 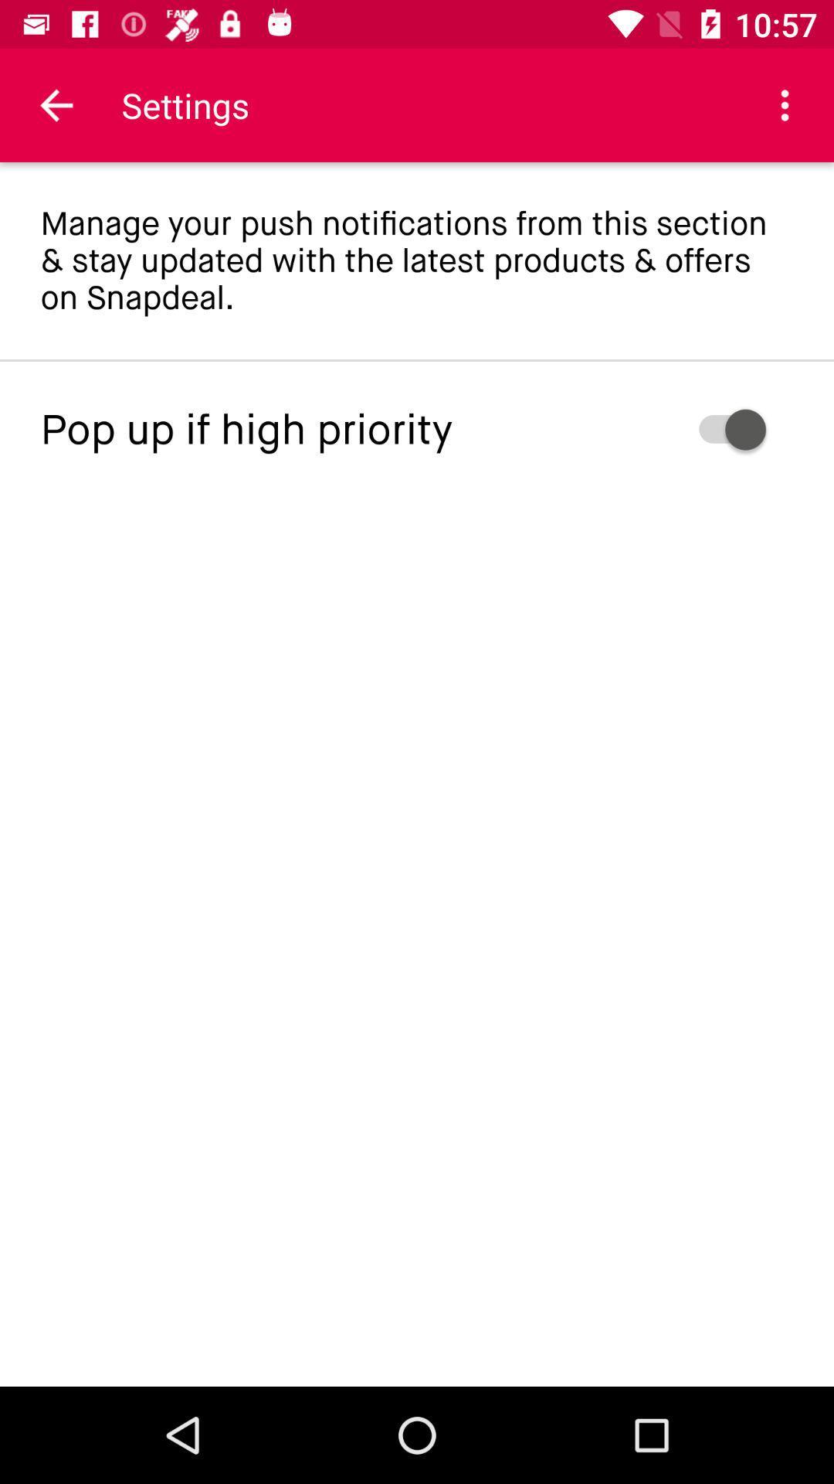 I want to click on previous page, so click(x=56, y=104).